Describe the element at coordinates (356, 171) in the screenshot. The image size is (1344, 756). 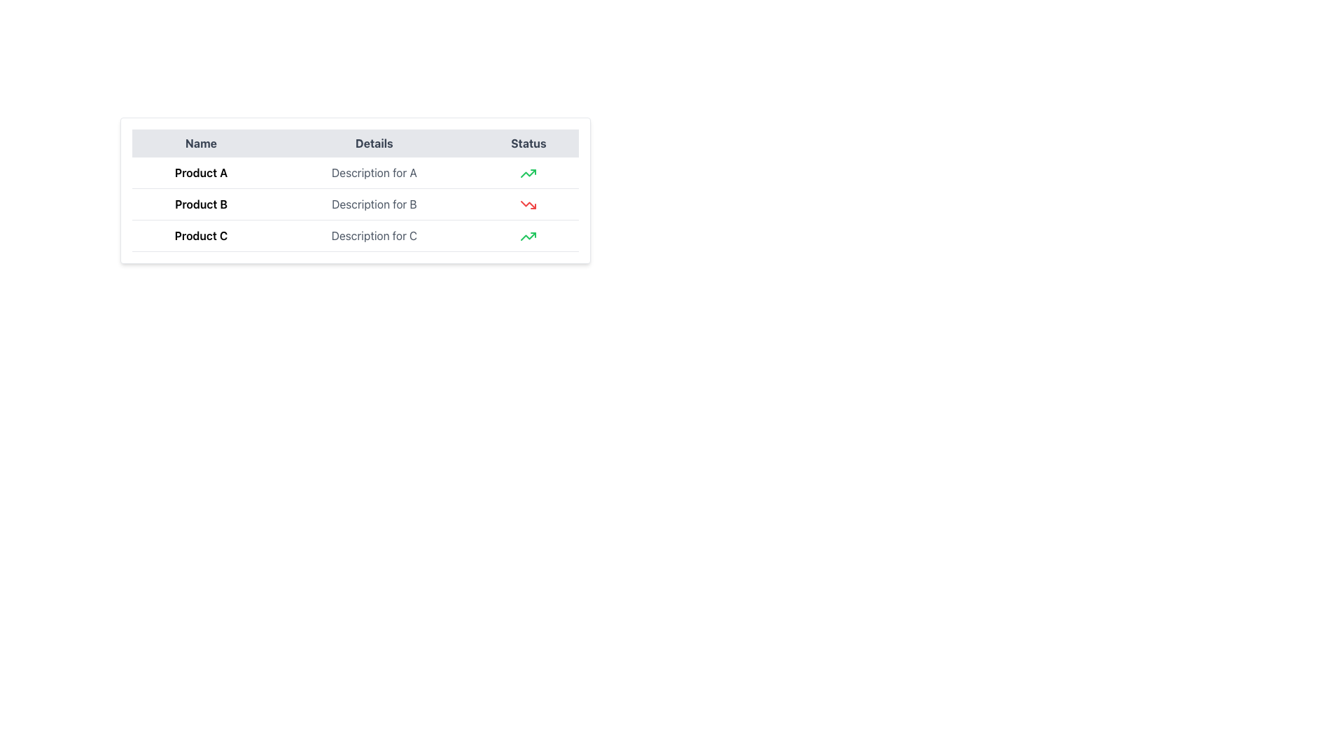
I see `the first row of the data table that summarizes information about 'Product A'` at that location.